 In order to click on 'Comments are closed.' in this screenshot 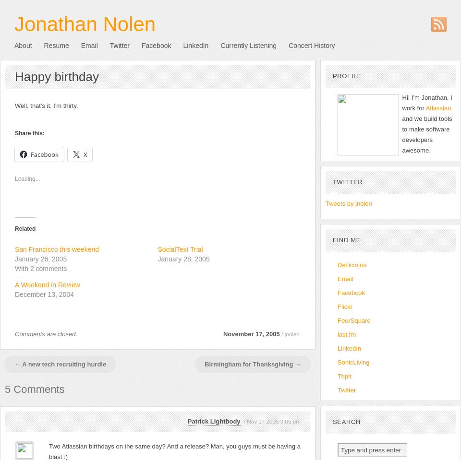, I will do `click(46, 333)`.